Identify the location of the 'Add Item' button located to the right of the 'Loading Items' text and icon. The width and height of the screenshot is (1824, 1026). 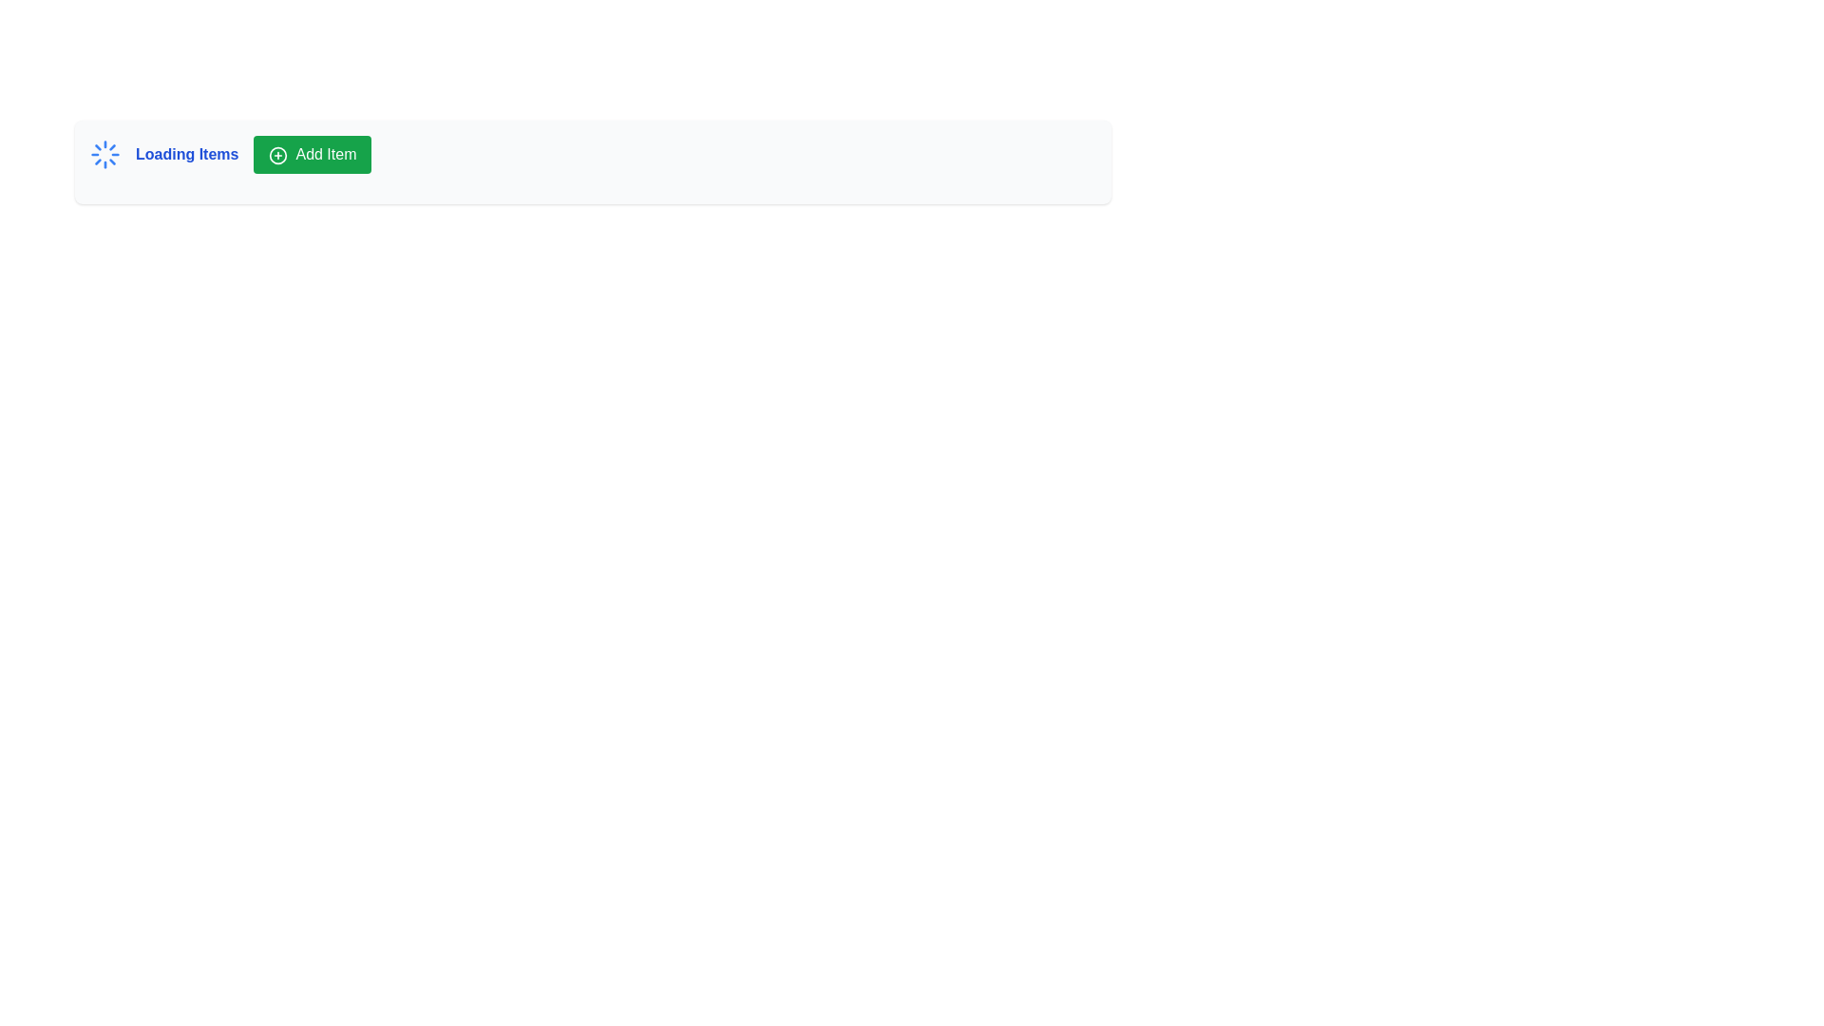
(313, 153).